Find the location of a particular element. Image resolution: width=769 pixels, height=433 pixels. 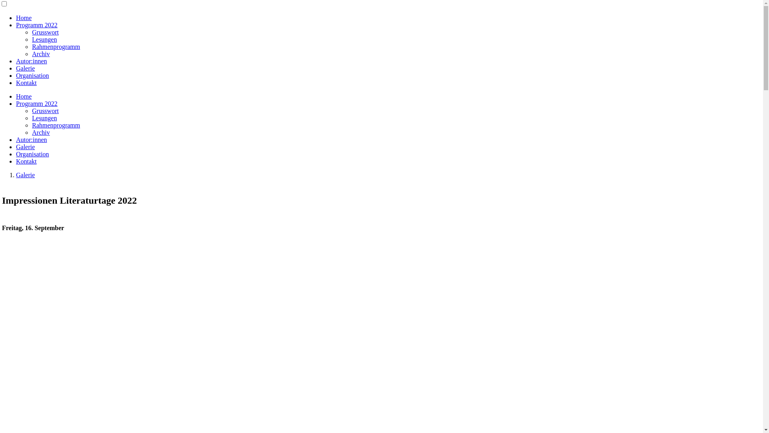

'Lesungen' is located at coordinates (44, 118).